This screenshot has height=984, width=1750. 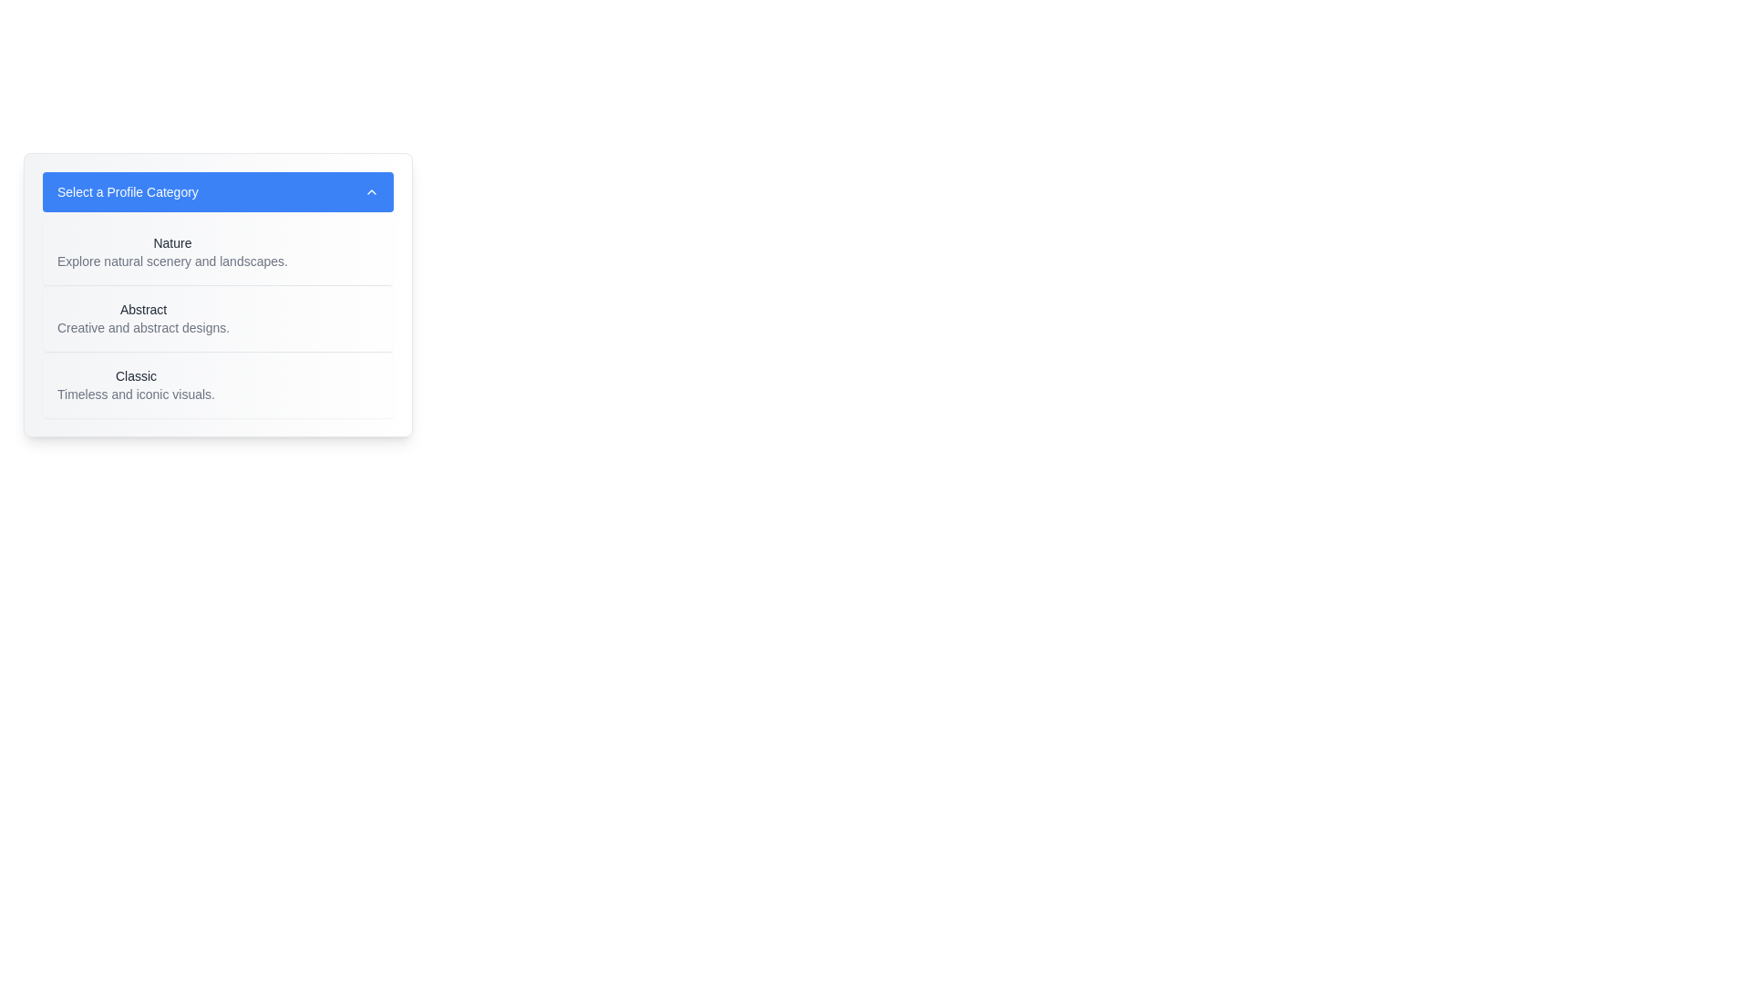 I want to click on the 'Abstract' option in the dropdown menu, which is the second item listed beneath 'Nature' and above 'Classic', so click(x=218, y=294).